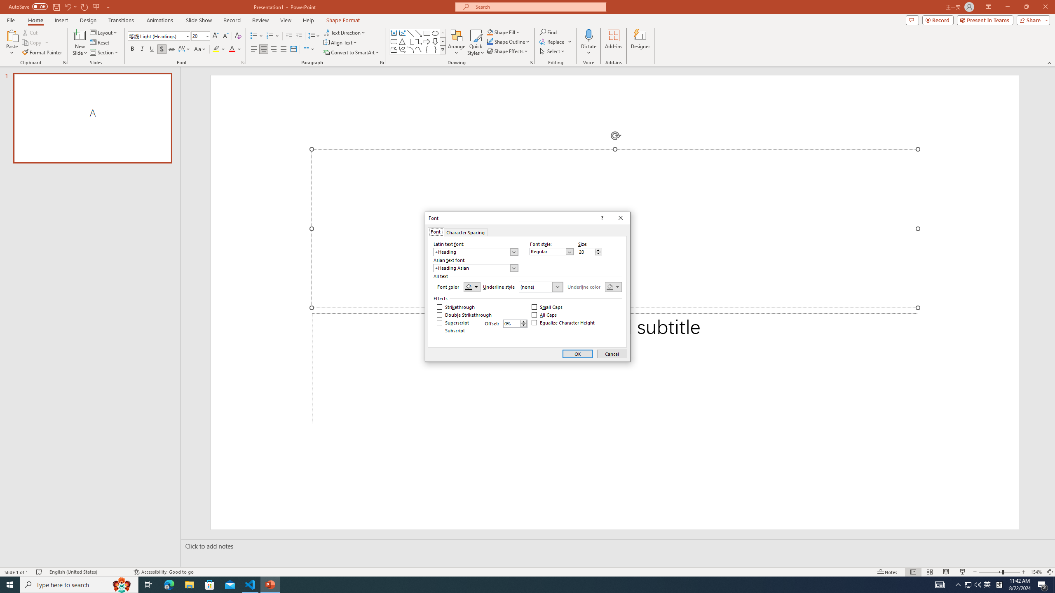  Describe the element at coordinates (588, 35) in the screenshot. I see `'Dictate'` at that location.